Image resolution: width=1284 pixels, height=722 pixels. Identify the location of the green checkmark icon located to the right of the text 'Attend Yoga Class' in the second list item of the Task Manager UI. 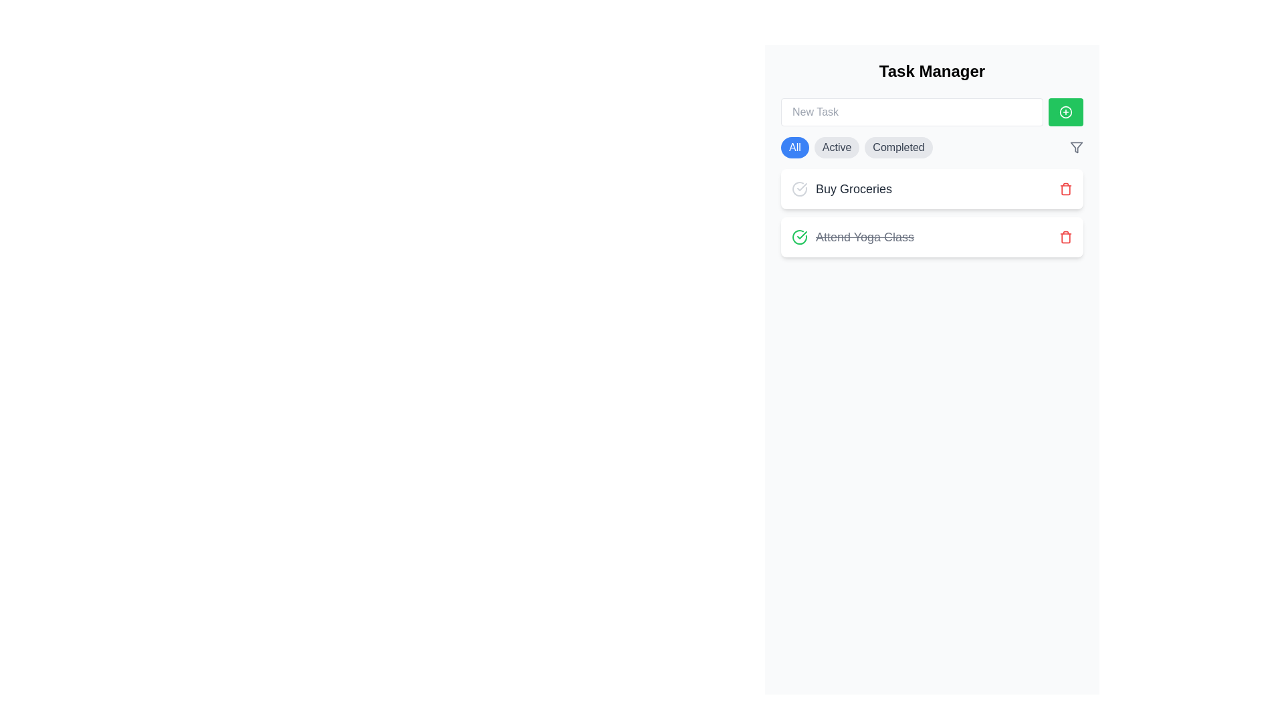
(802, 234).